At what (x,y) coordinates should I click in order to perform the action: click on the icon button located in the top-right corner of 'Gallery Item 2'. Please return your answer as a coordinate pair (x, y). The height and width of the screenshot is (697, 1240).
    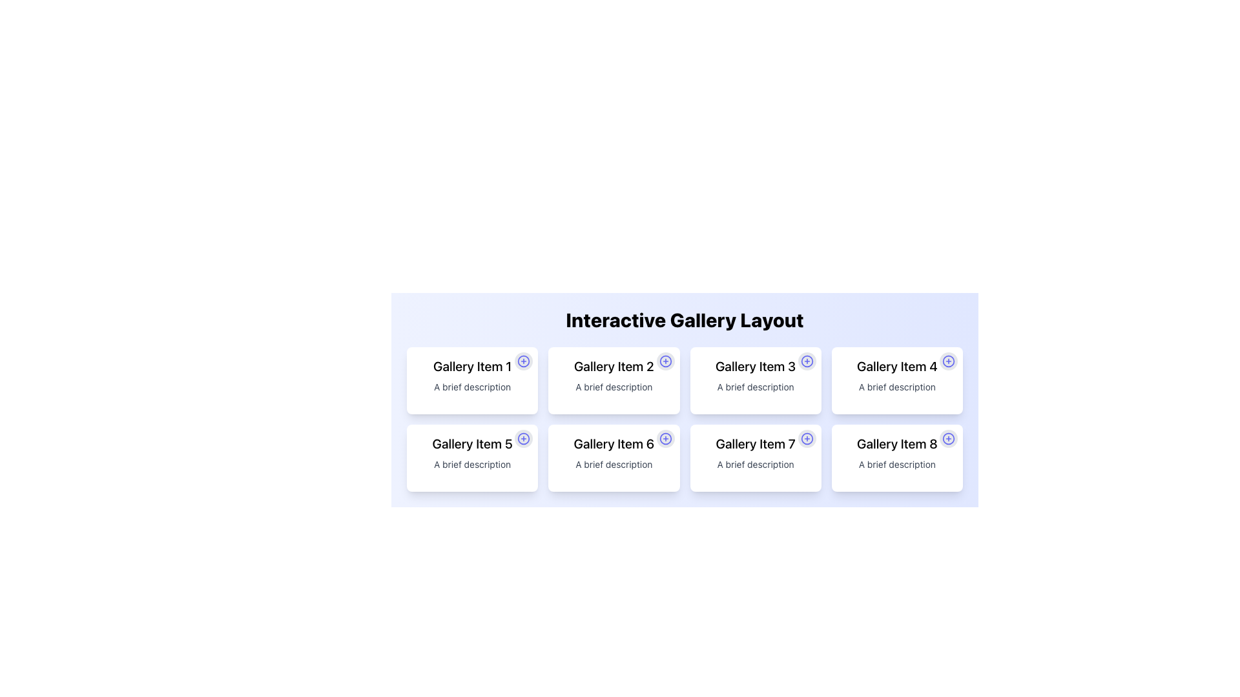
    Looking at the image, I should click on (665, 361).